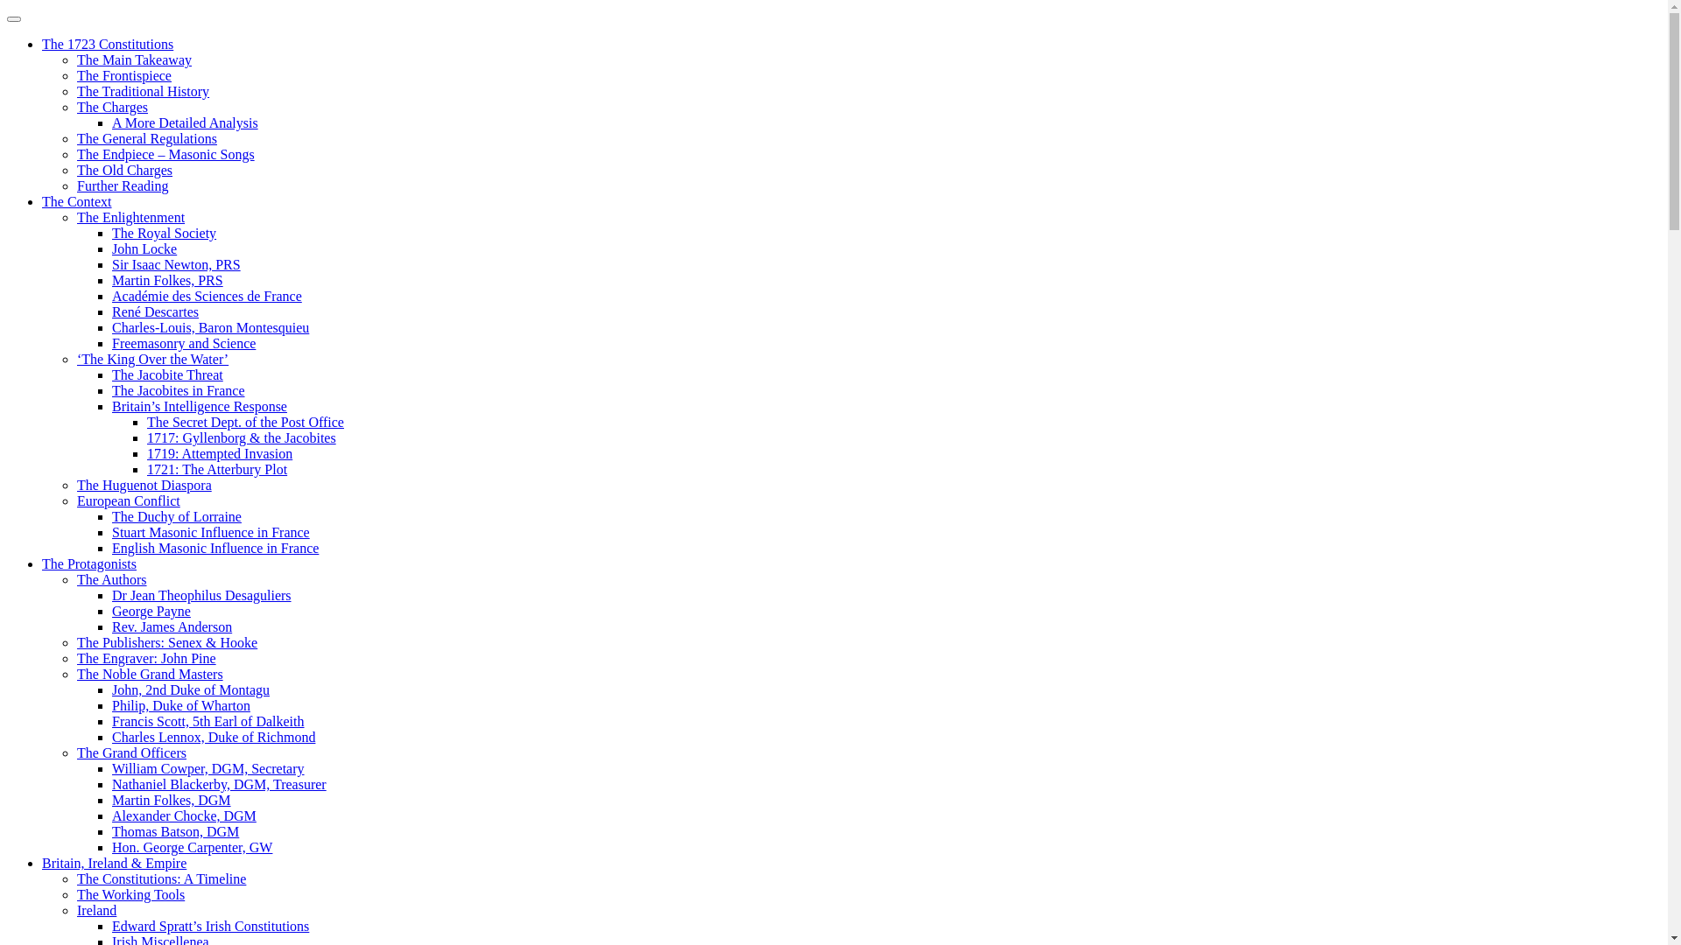 The image size is (1681, 945). What do you see at coordinates (214, 547) in the screenshot?
I see `'English Masonic Influence in France'` at bounding box center [214, 547].